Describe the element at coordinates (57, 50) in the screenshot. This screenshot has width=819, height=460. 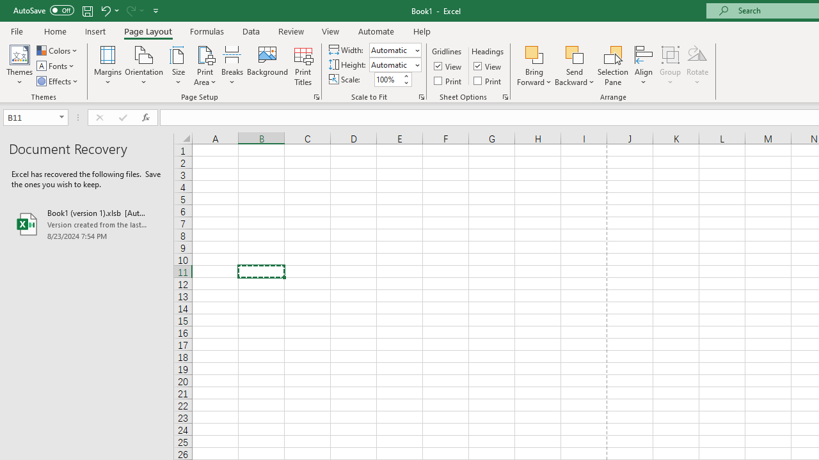
I see `'Colors'` at that location.